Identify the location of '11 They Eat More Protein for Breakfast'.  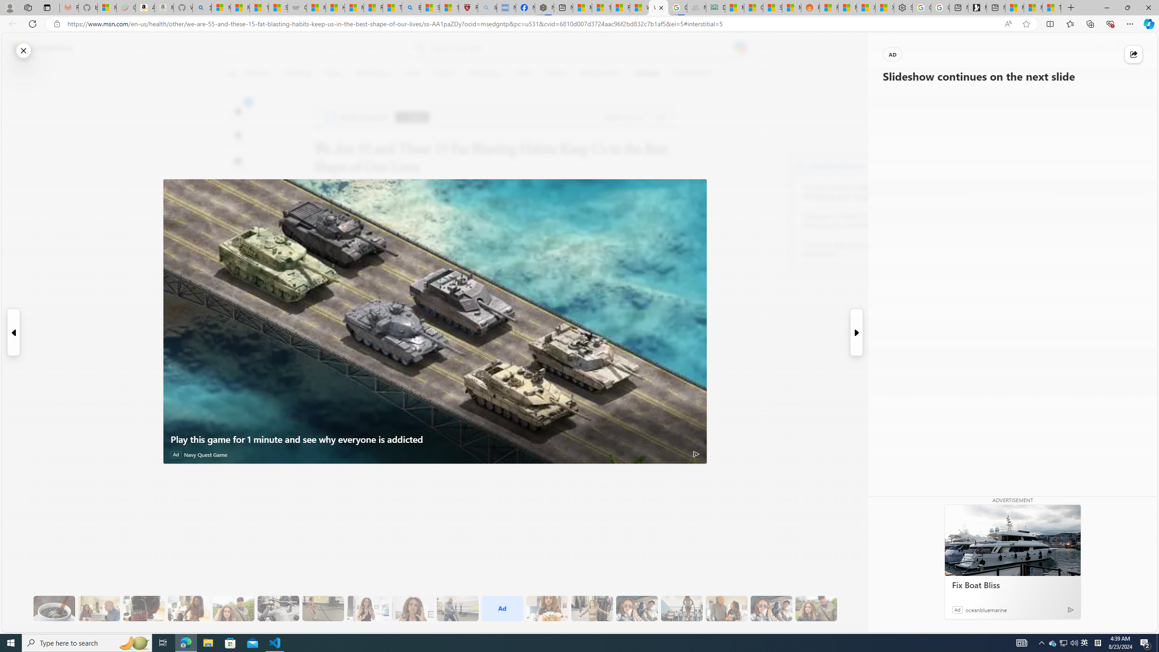
(367, 609).